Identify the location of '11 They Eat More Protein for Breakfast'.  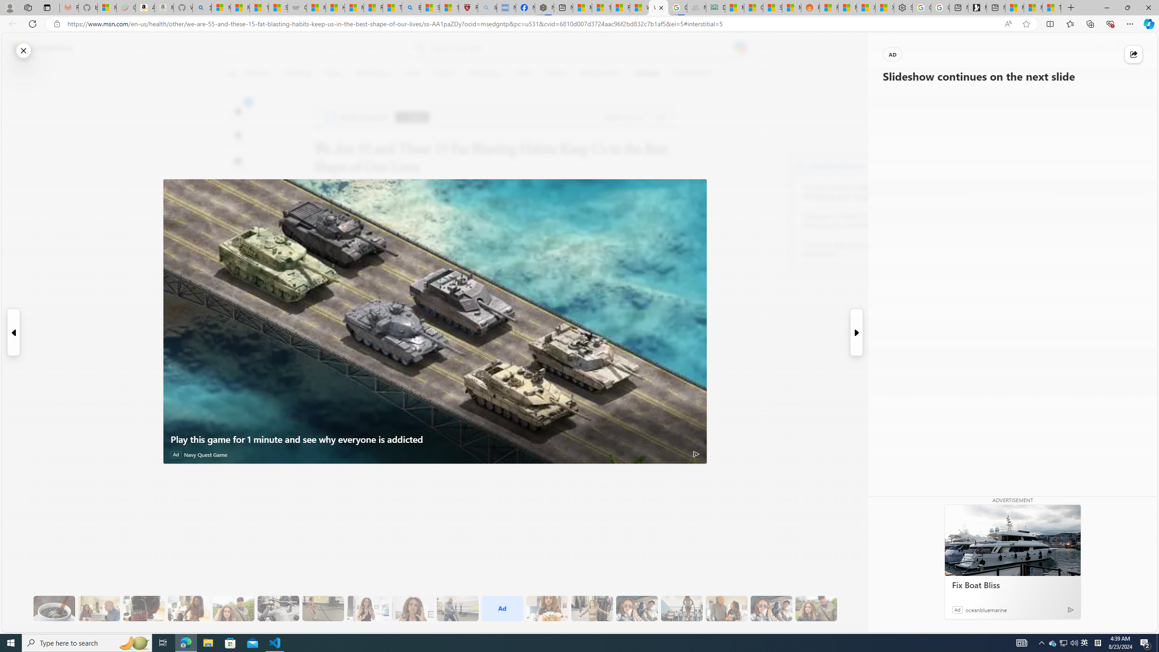
(367, 609).